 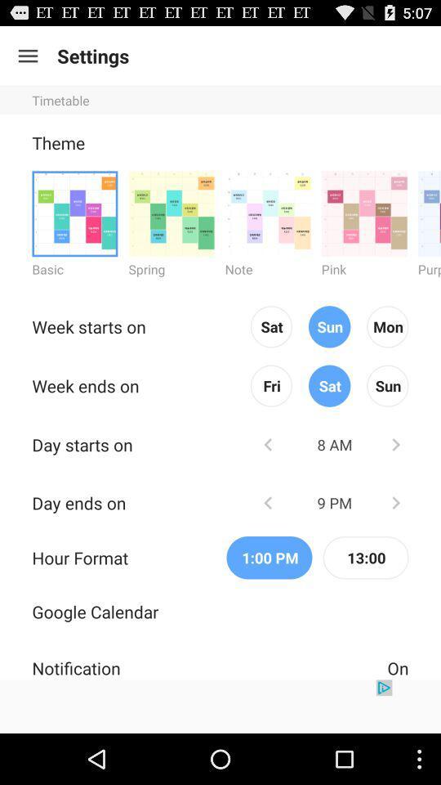 I want to click on next hour option, so click(x=394, y=501).